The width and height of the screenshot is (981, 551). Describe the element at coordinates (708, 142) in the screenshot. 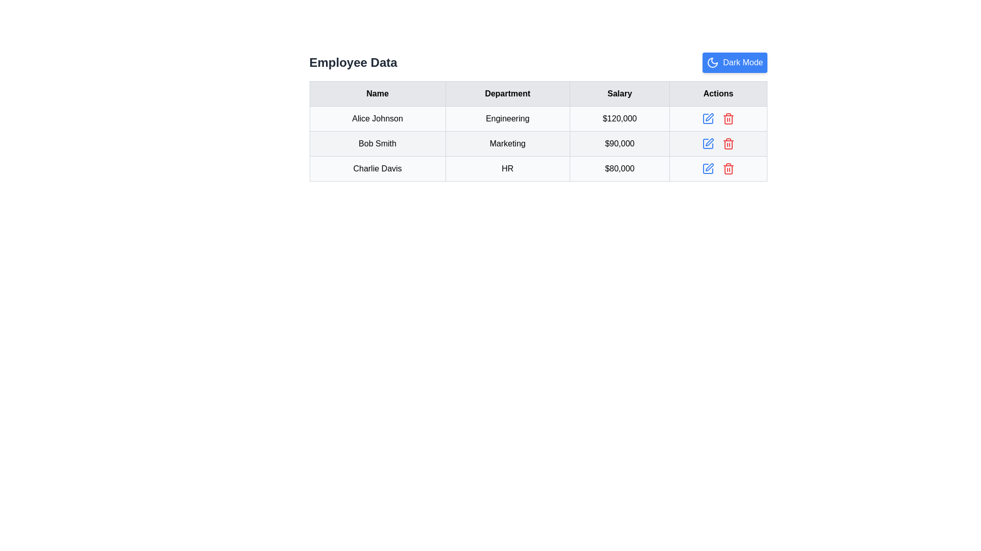

I see `the pencil icon representing the edit action located in the 'Actions' column of the second row of the table` at that location.